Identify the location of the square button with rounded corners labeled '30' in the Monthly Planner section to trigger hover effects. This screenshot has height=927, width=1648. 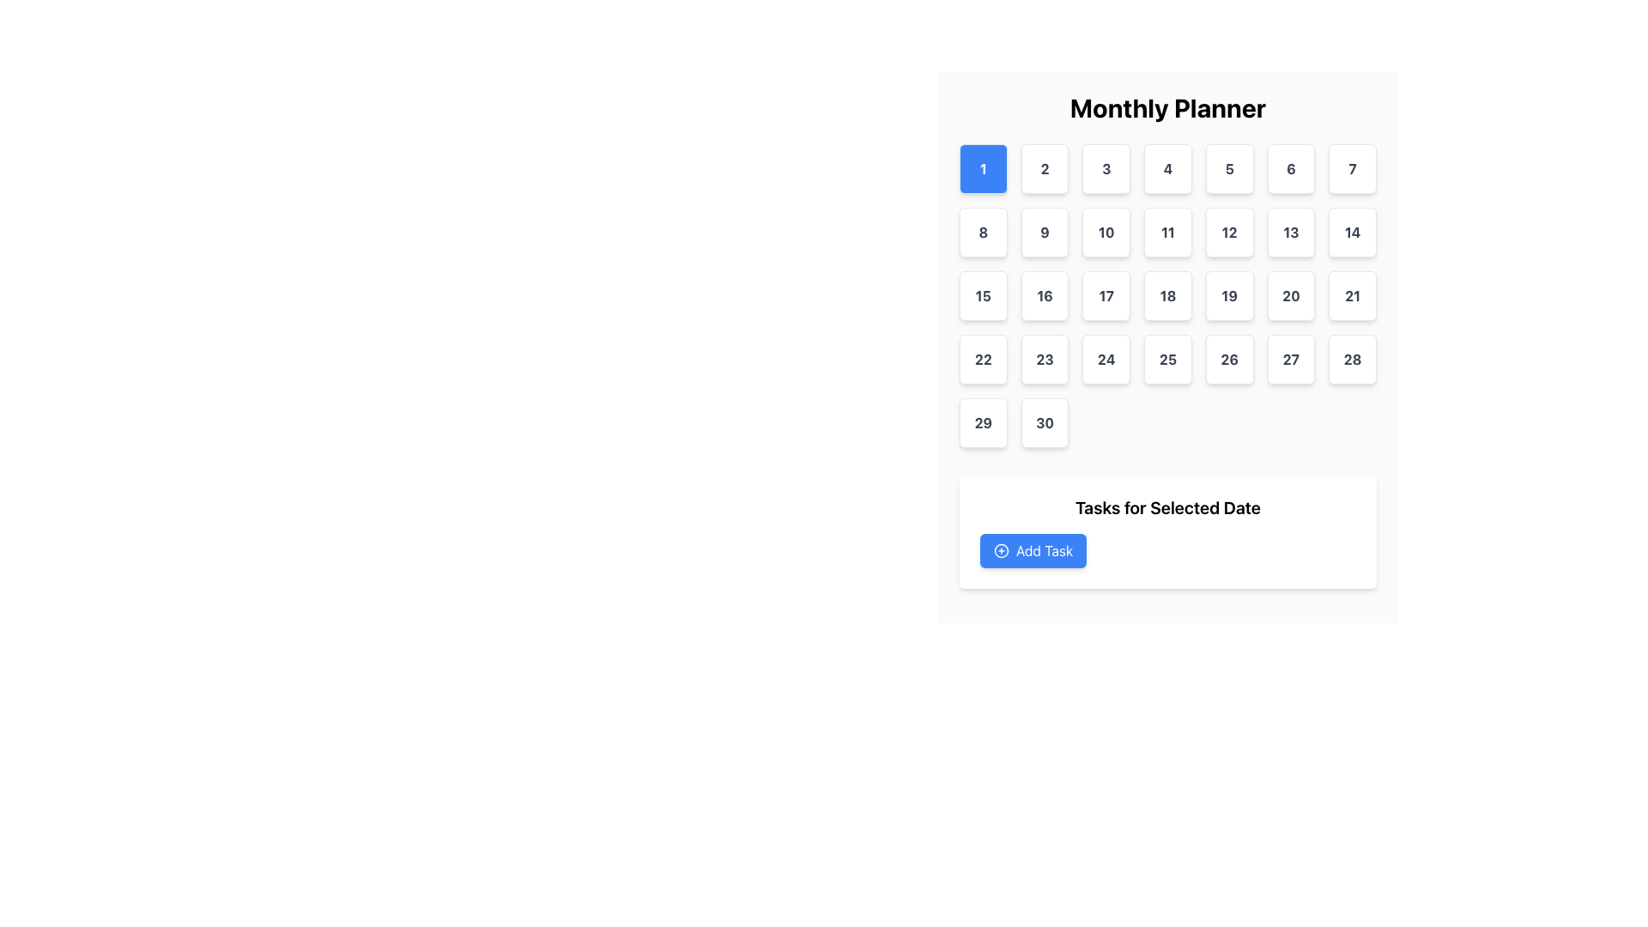
(1044, 423).